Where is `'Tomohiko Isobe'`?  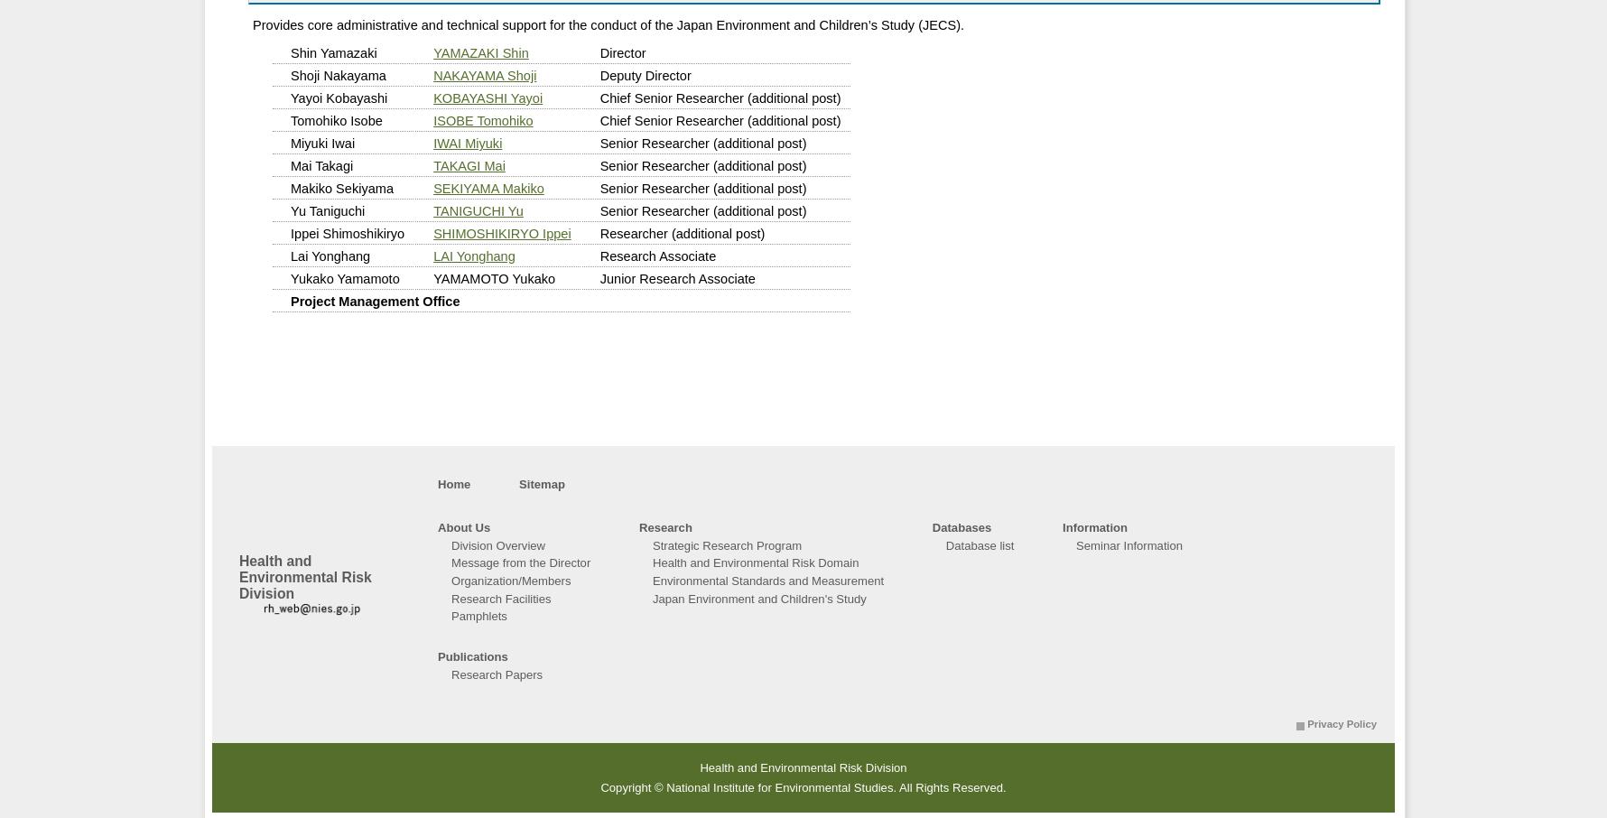
'Tomohiko Isobe' is located at coordinates (291, 119).